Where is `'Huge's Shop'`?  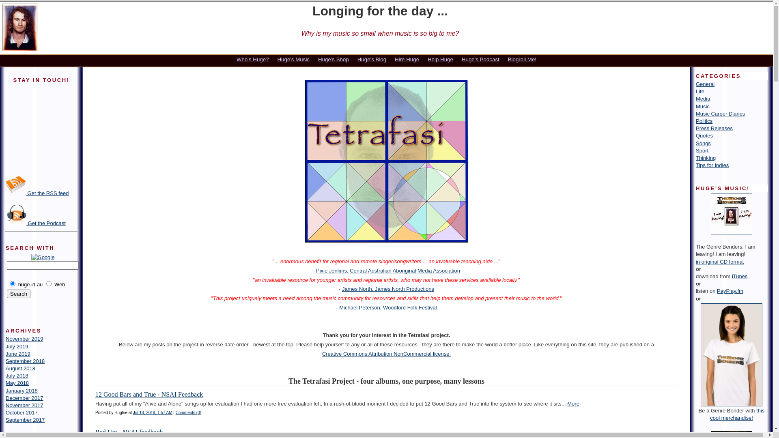
'Huge's Shop' is located at coordinates (333, 59).